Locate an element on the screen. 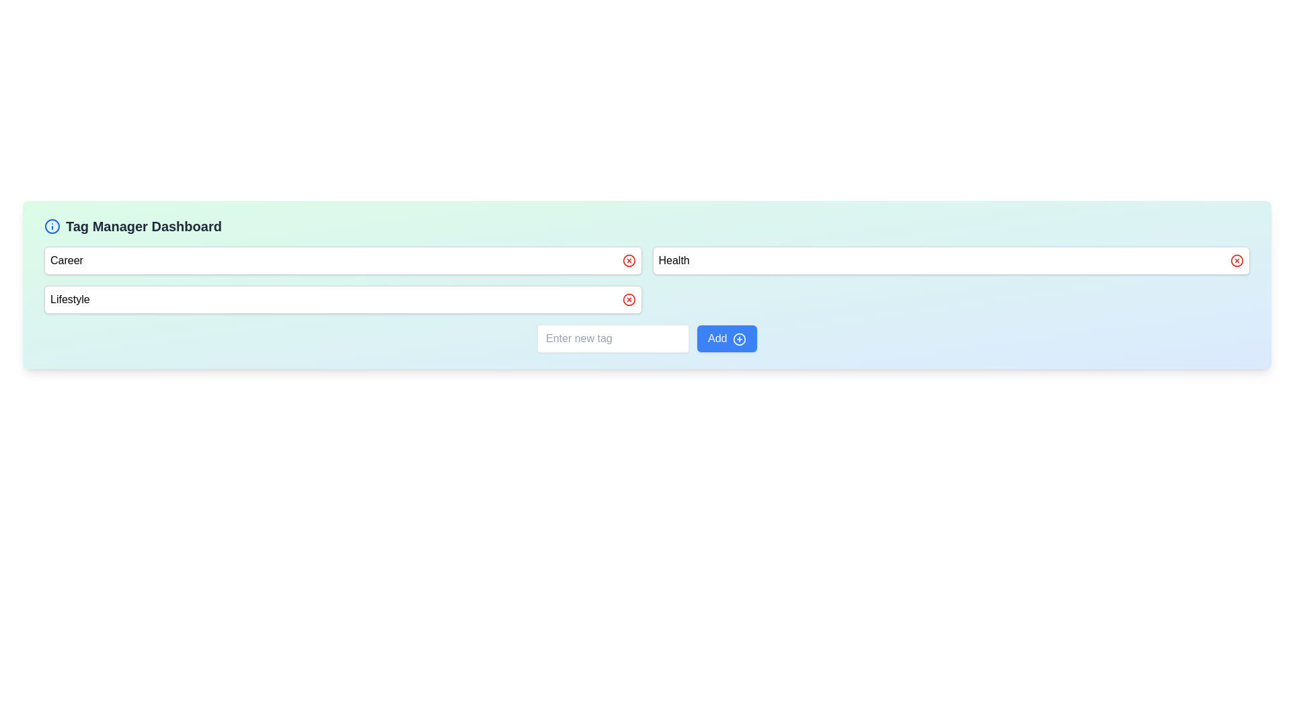  the circular graphical element located within the interactive button or icon towards the right end of the interface is located at coordinates (738, 338).